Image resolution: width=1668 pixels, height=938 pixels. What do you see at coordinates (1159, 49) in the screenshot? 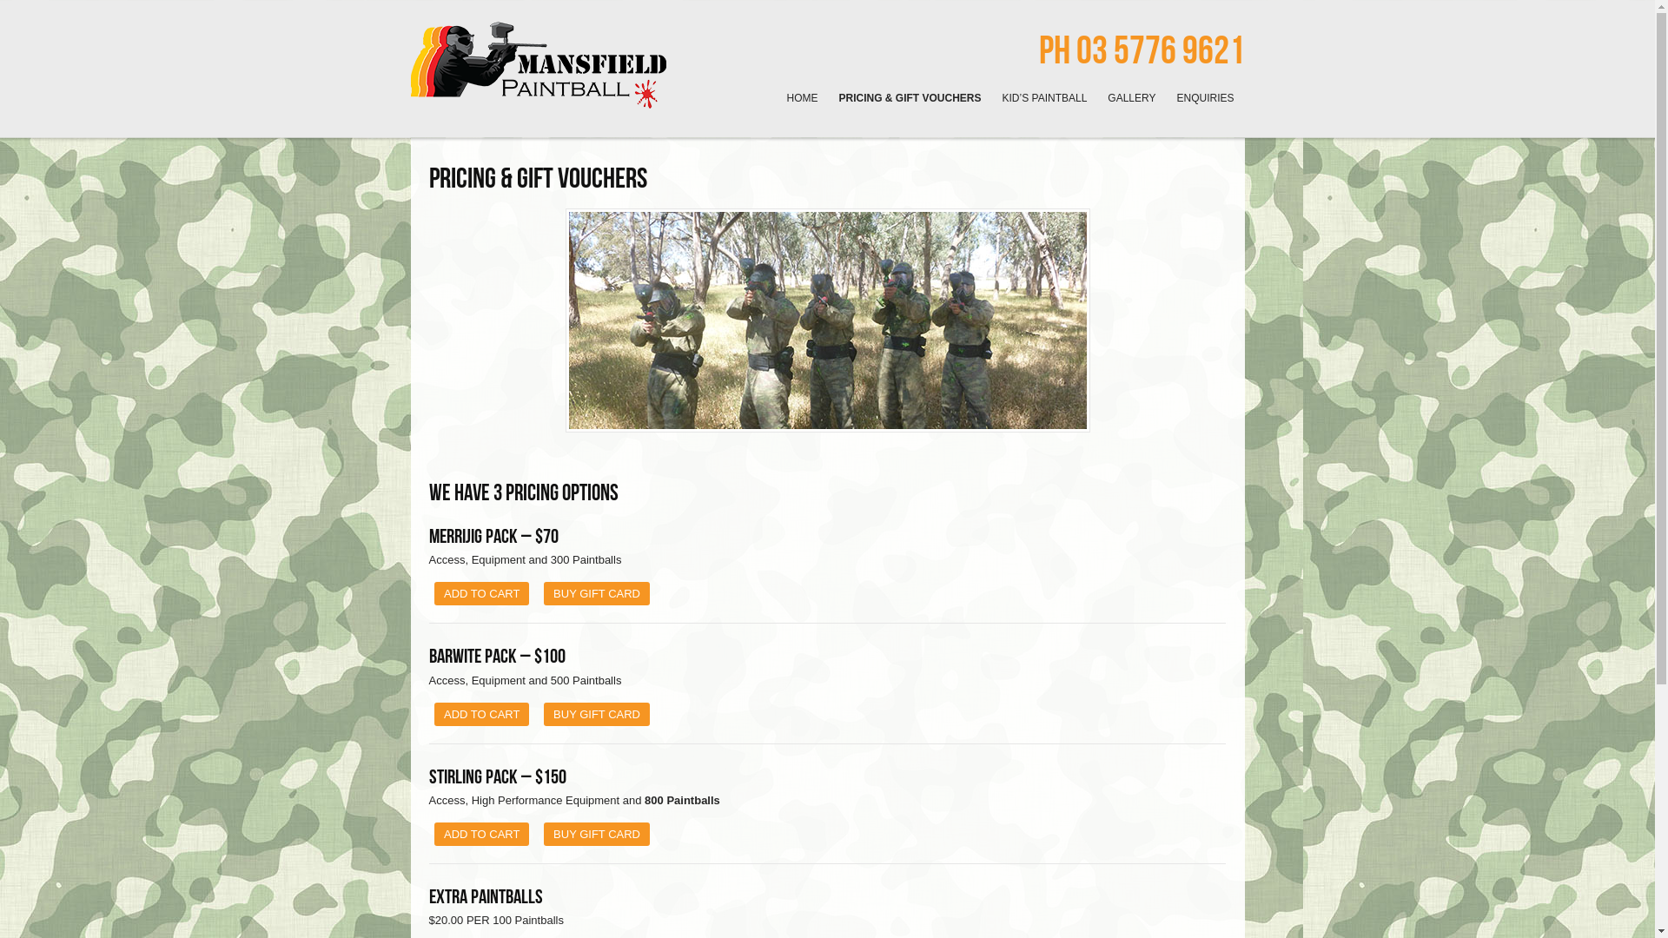
I see `'03 5776 9621'` at bounding box center [1159, 49].